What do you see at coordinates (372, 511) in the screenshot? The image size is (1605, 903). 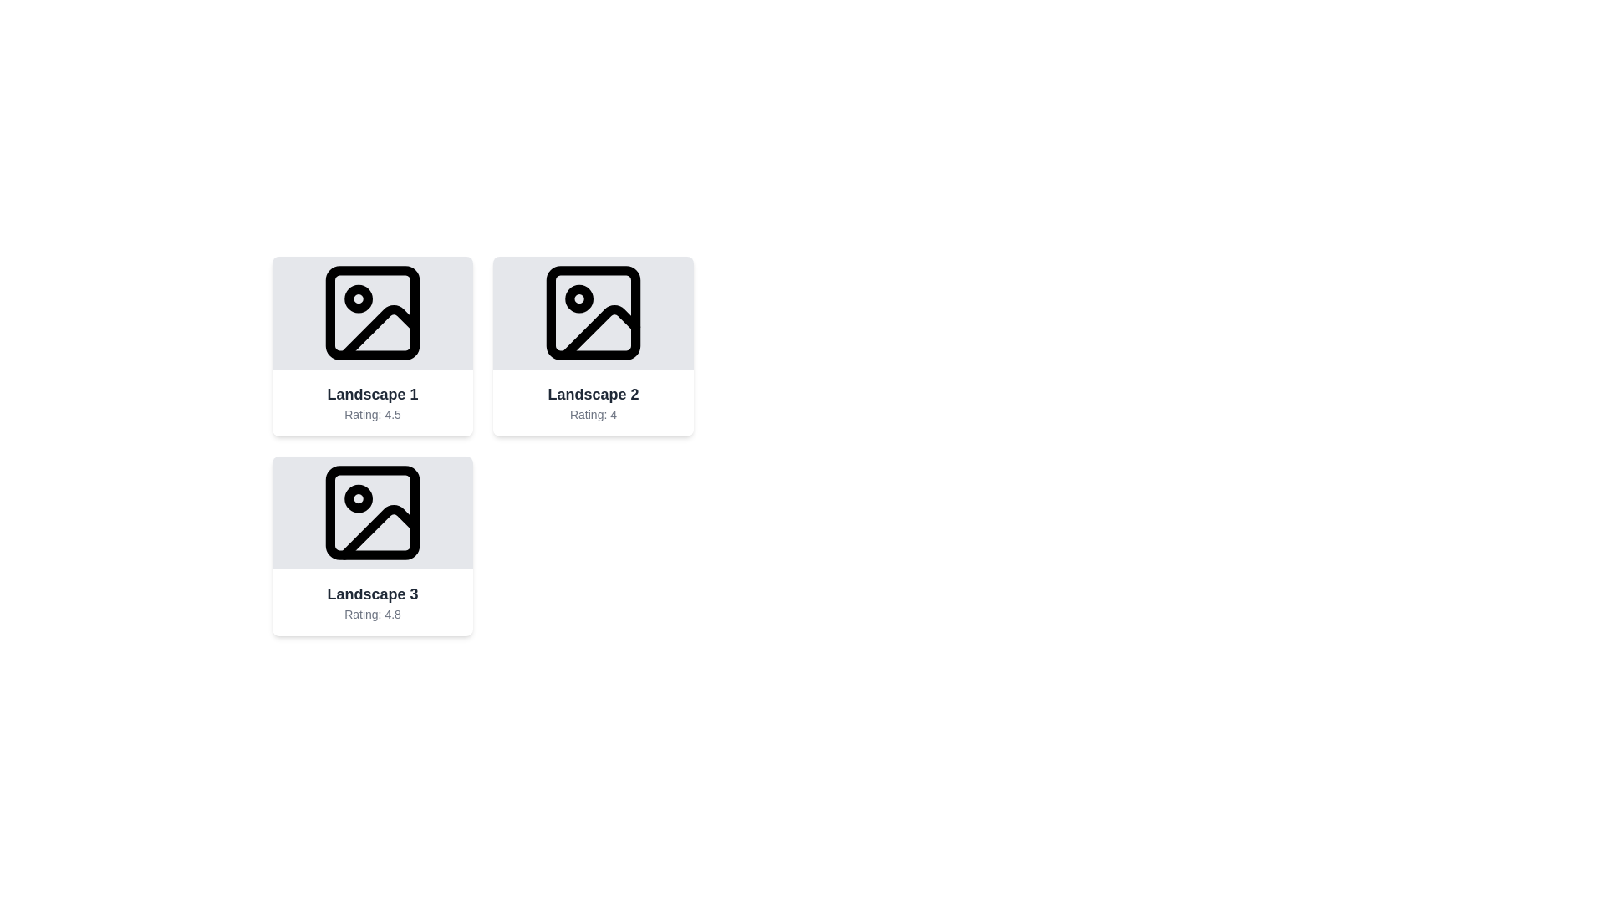 I see `the star icon representing a rating in the card labeled 'Landscape 3 Rating: 4.8'` at bounding box center [372, 511].